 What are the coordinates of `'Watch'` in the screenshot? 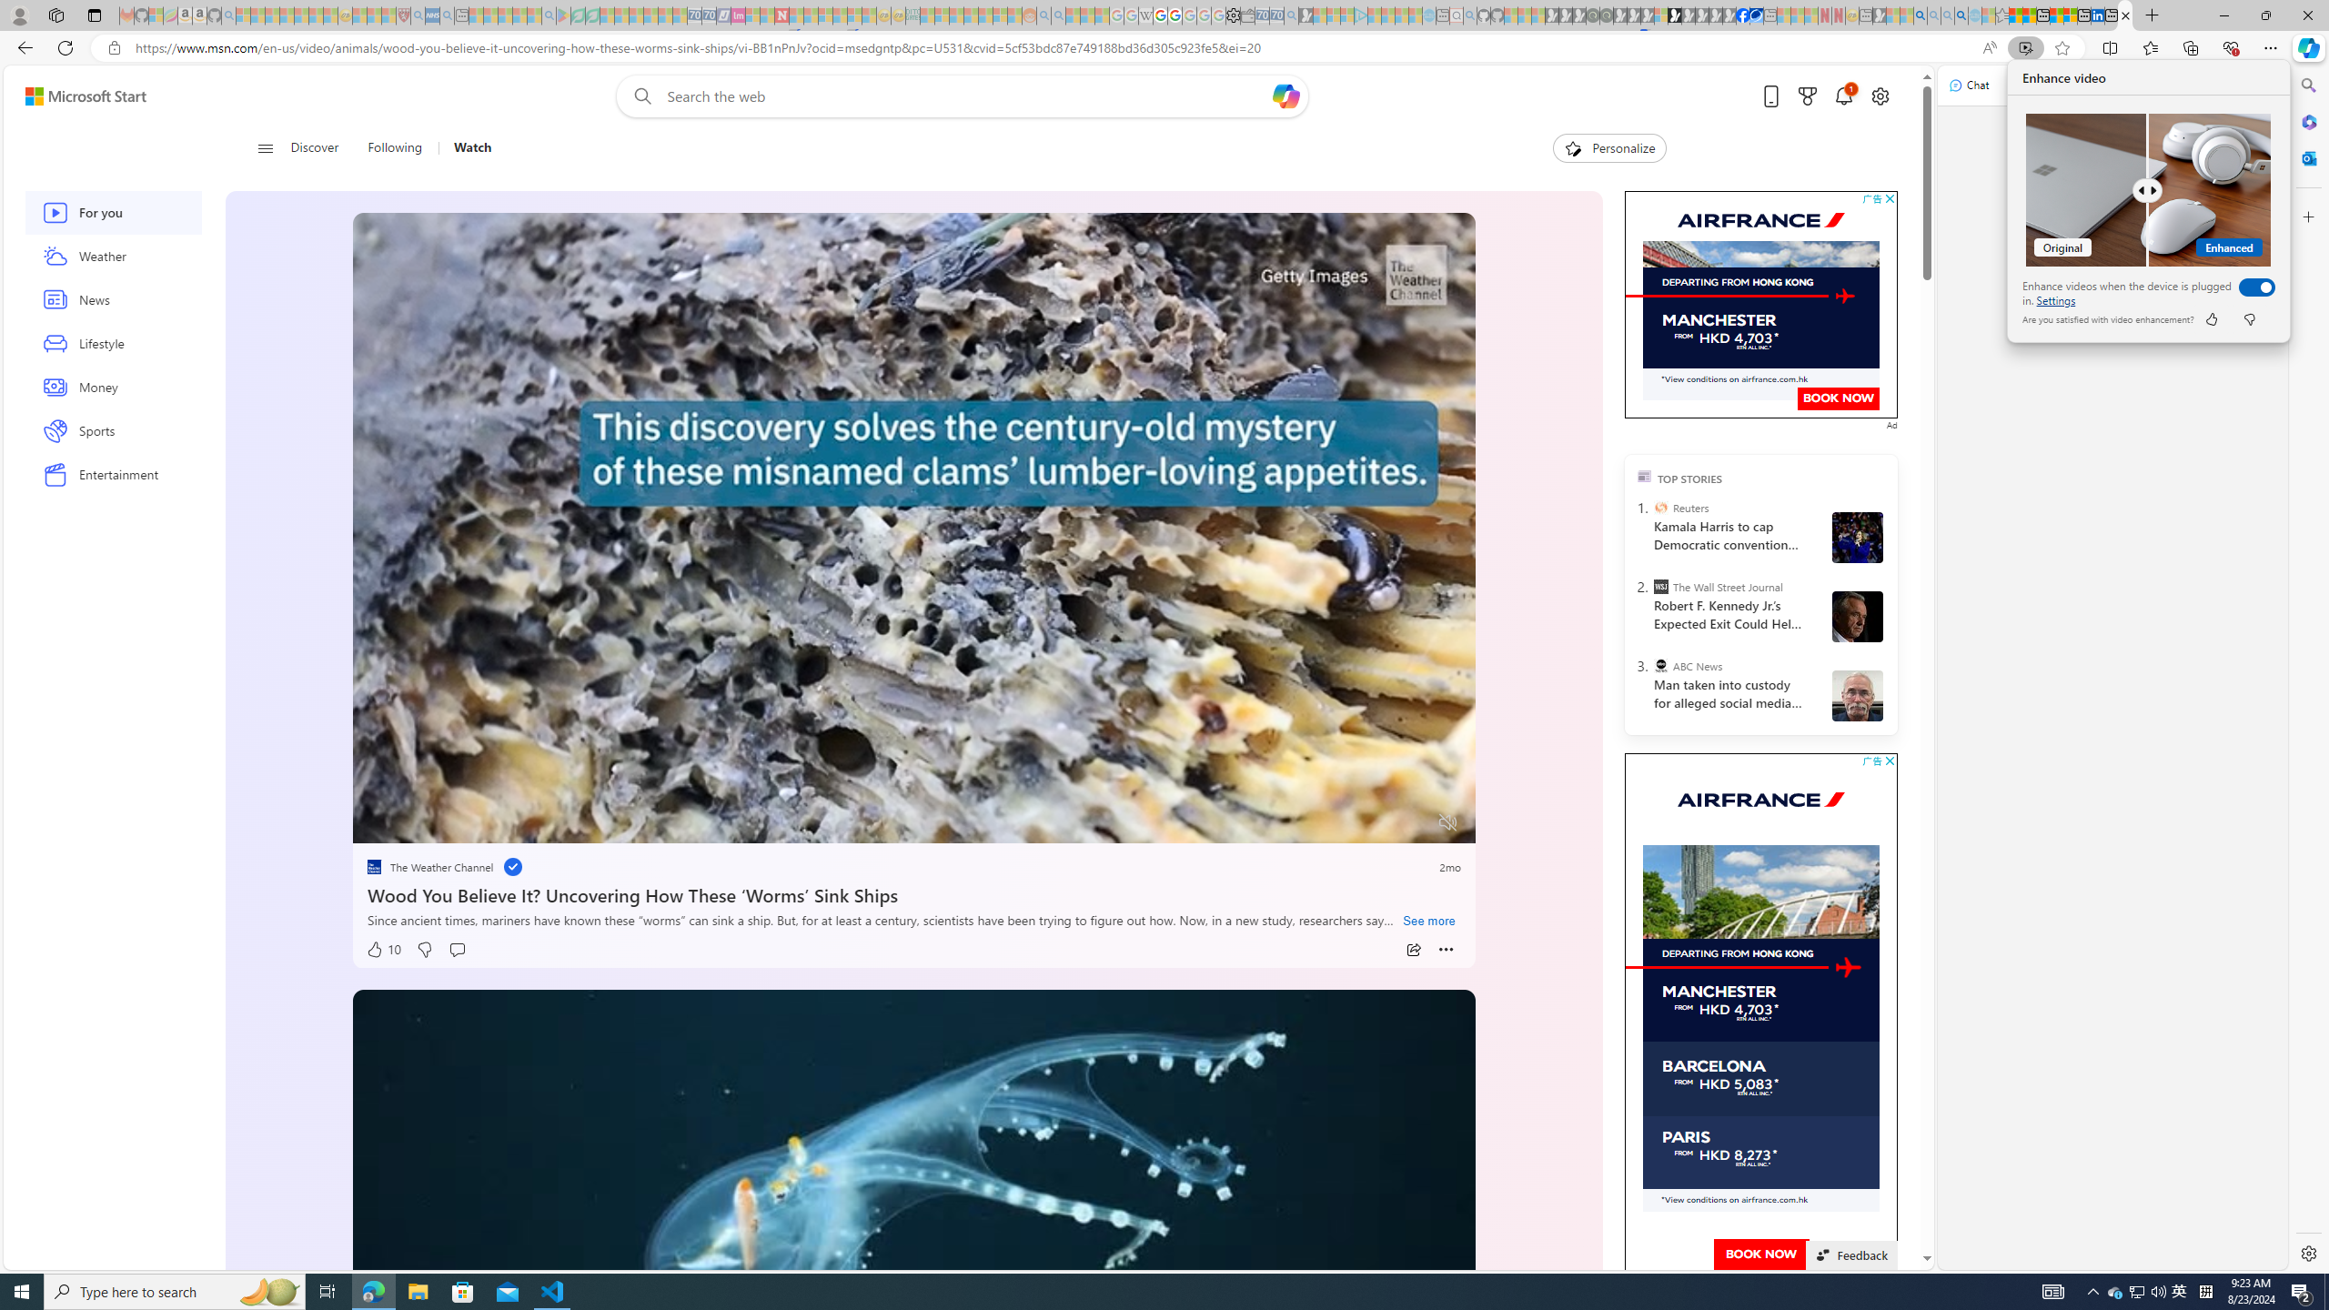 It's located at (463, 147).